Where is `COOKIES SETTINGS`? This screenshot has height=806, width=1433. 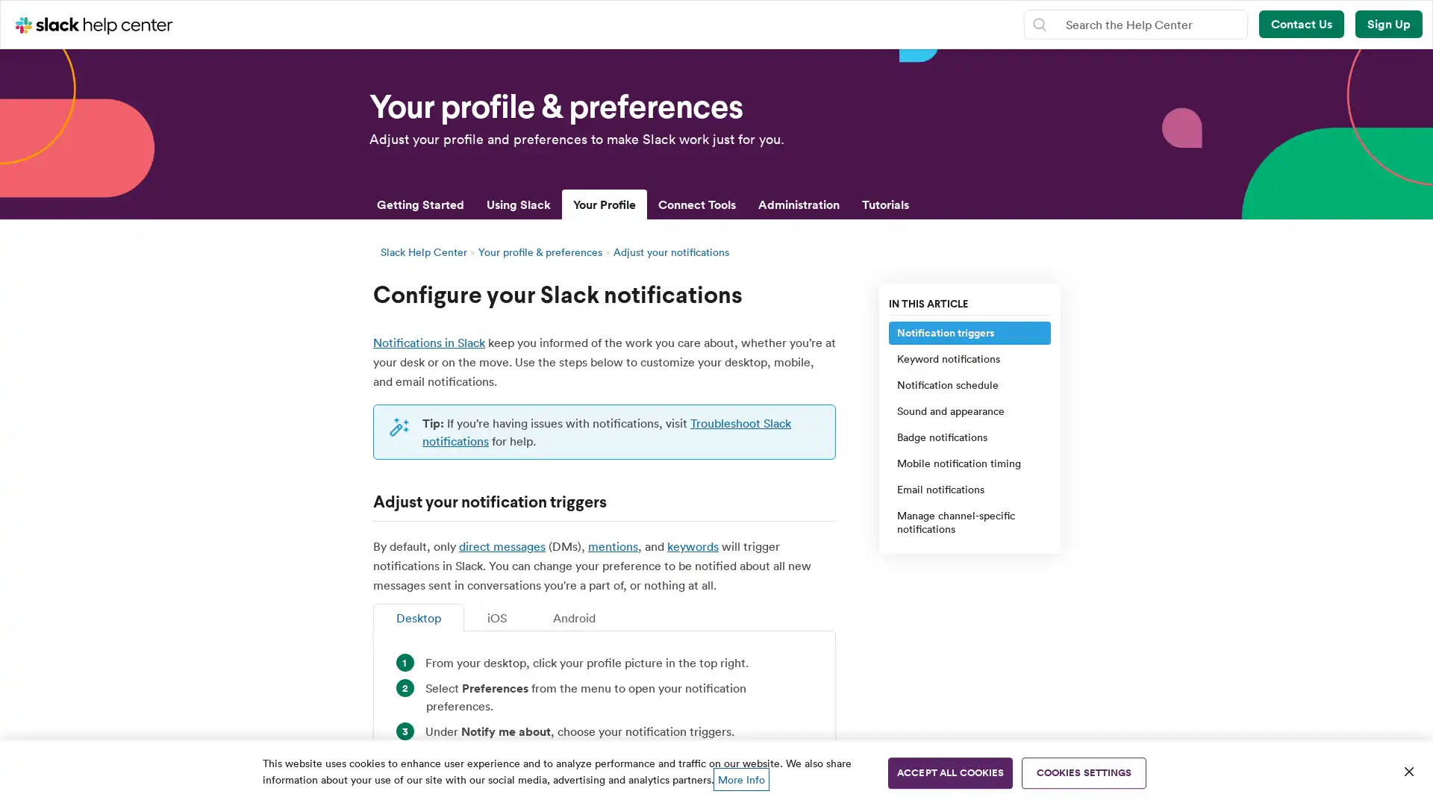 COOKIES SETTINGS is located at coordinates (1084, 772).